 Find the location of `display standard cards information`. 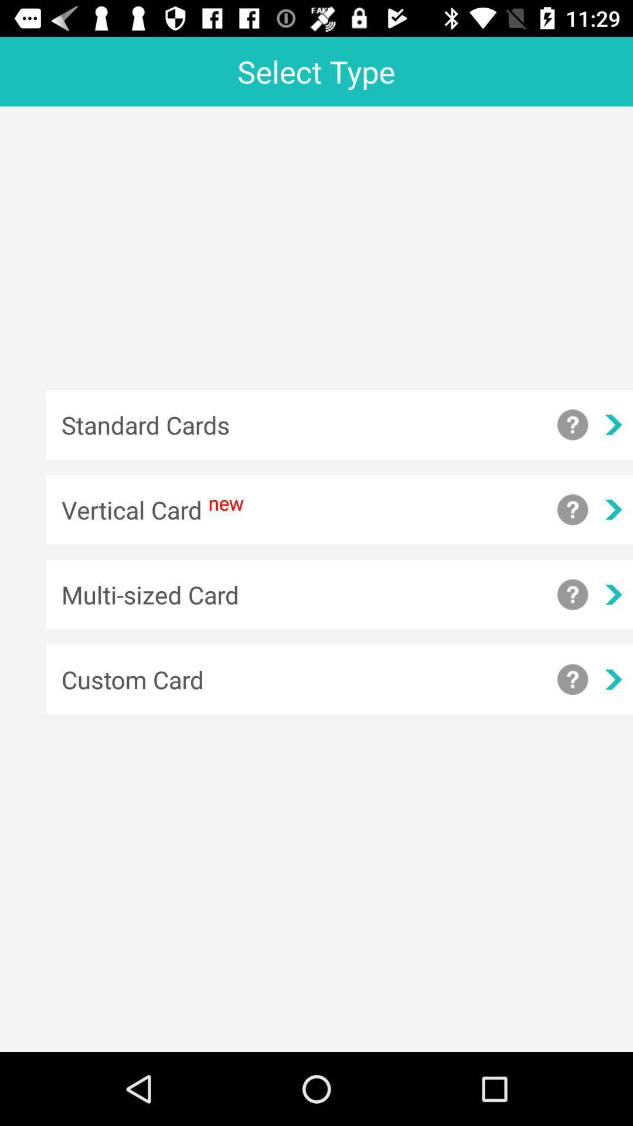

display standard cards information is located at coordinates (572, 424).